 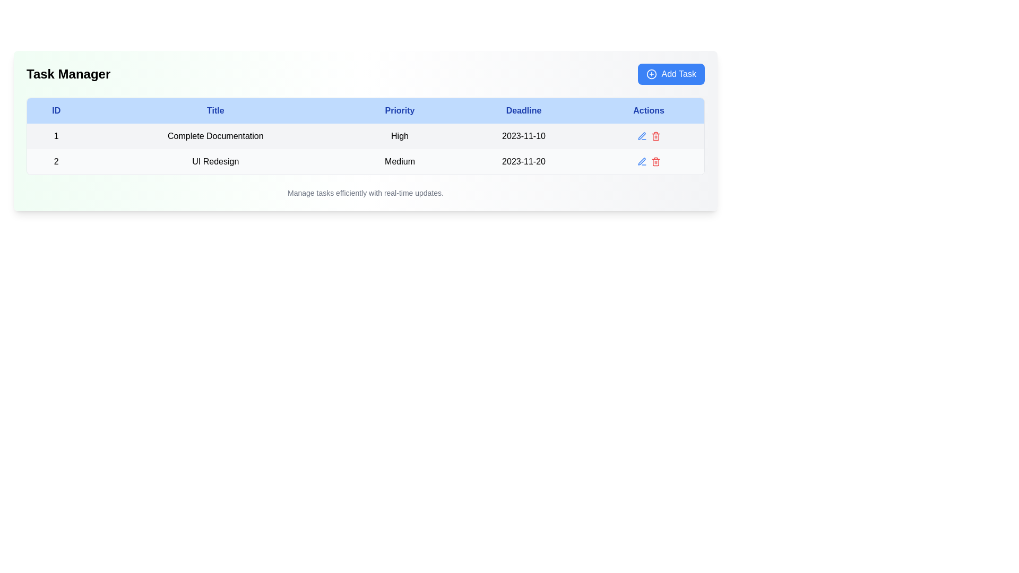 What do you see at coordinates (641, 135) in the screenshot?
I see `the edit pen icon in the 'Actions' column of the second row to initiate editing of the row data` at bounding box center [641, 135].